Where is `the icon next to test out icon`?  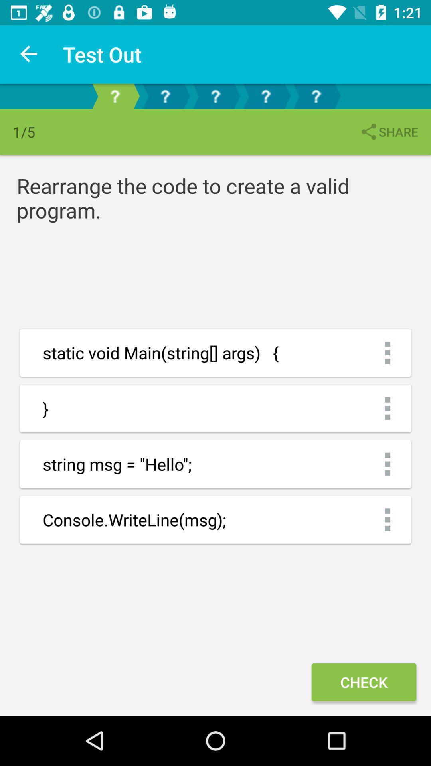 the icon next to test out icon is located at coordinates (29, 54).